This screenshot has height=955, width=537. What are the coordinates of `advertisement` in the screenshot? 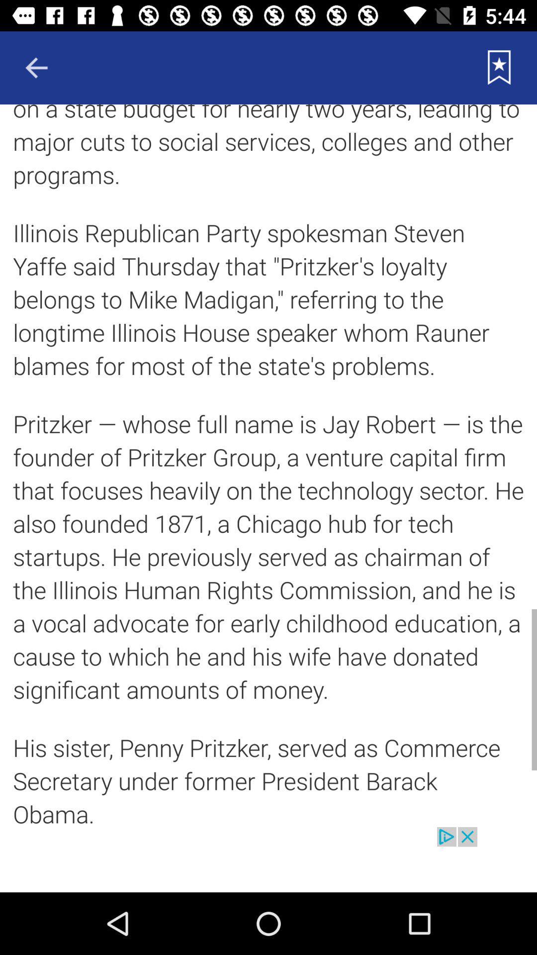 It's located at (268, 859).